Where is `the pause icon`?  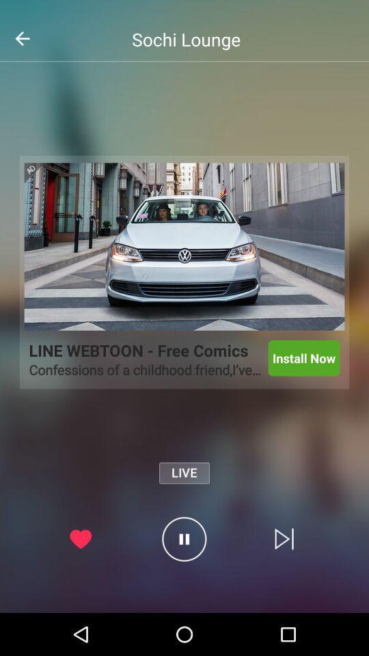
the pause icon is located at coordinates (184, 539).